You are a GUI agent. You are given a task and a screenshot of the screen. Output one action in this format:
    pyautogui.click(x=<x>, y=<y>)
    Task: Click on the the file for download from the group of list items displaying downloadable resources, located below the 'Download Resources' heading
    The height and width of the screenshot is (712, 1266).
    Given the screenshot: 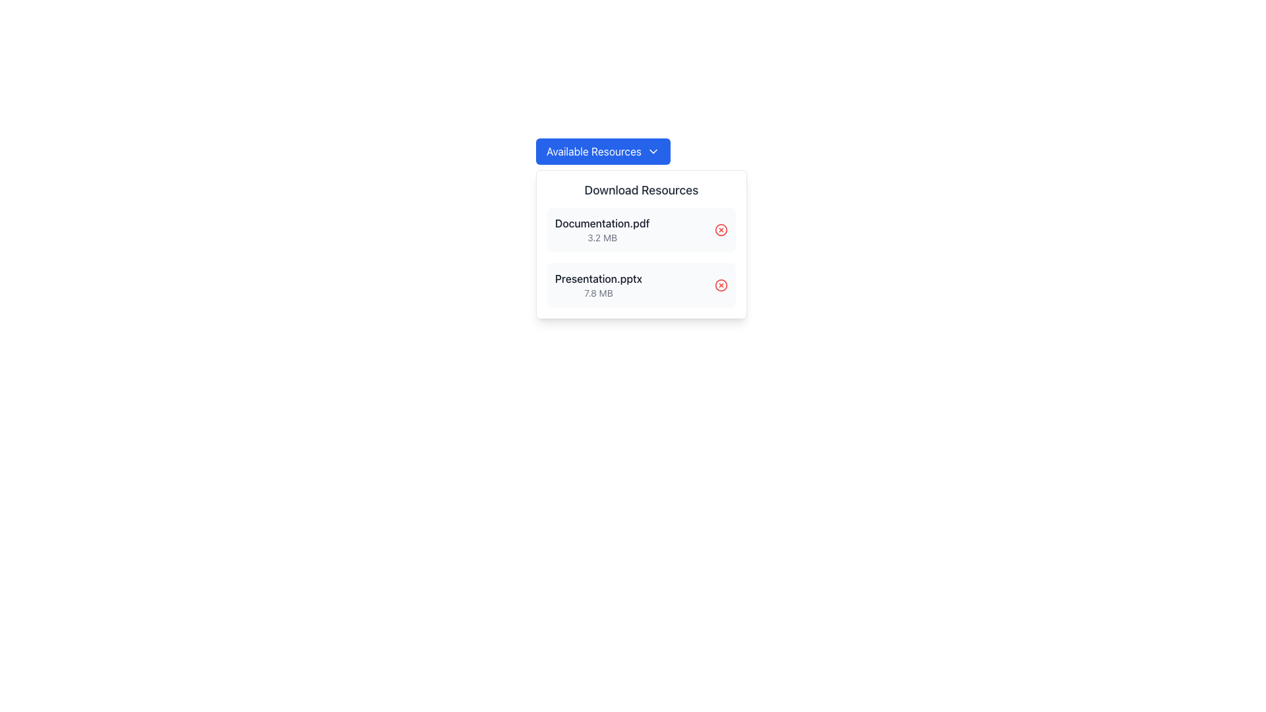 What is the action you would take?
    pyautogui.click(x=641, y=257)
    